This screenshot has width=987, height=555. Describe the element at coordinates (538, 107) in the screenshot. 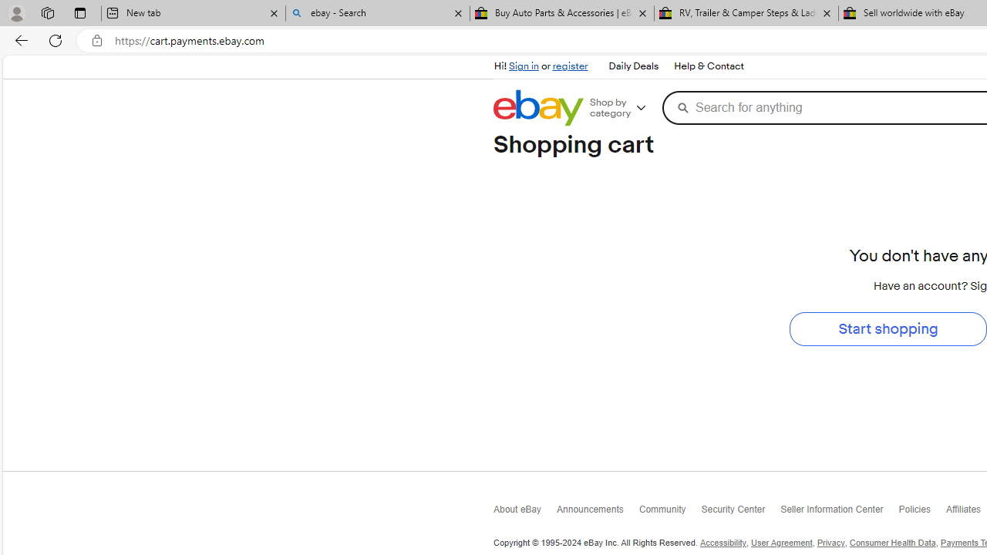

I see `'eBay Home'` at that location.